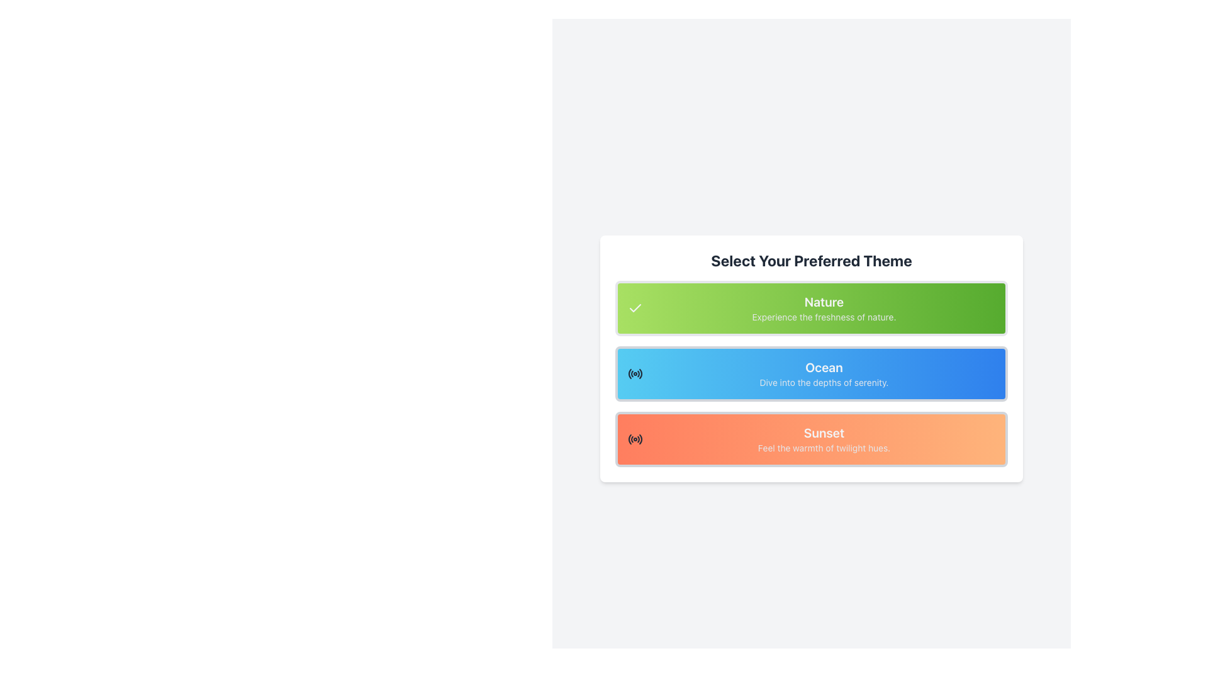 The height and width of the screenshot is (680, 1208). I want to click on the descriptive text content for the 'Sunset' theme option located at the bottom section of the theme selection interface, so click(824, 439).